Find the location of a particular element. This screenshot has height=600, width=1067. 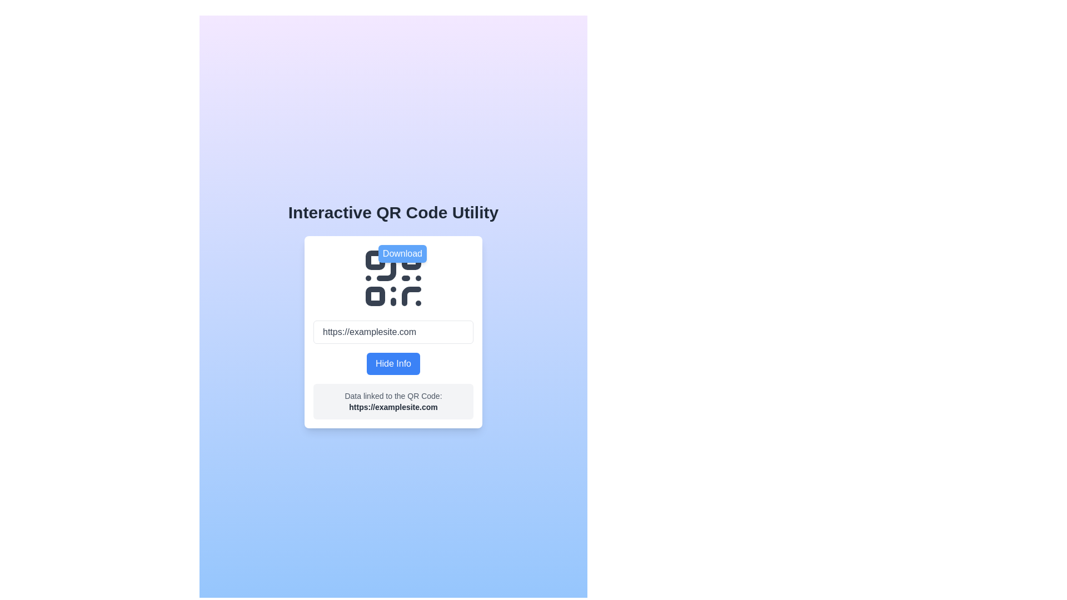

the decorative square for the QR code pattern, which is a small square with rounded corners located in the bottom left quadrant of the QR code graphic is located at coordinates (375, 296).